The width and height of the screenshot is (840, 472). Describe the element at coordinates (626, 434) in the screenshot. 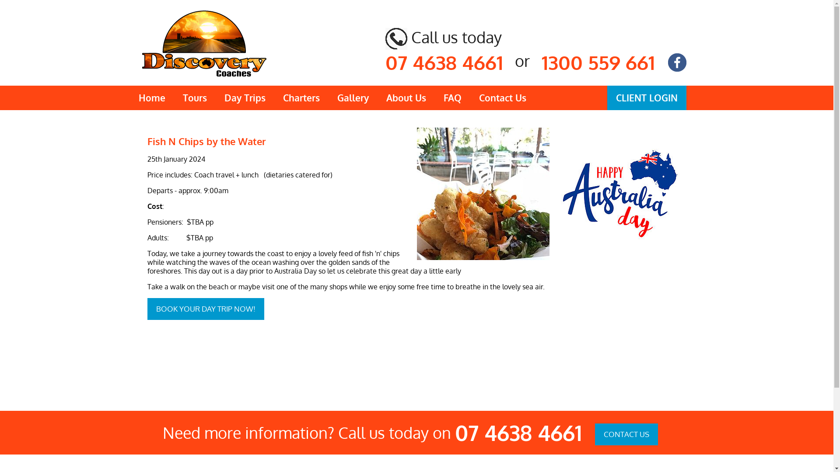

I see `'CONTACT US'` at that location.